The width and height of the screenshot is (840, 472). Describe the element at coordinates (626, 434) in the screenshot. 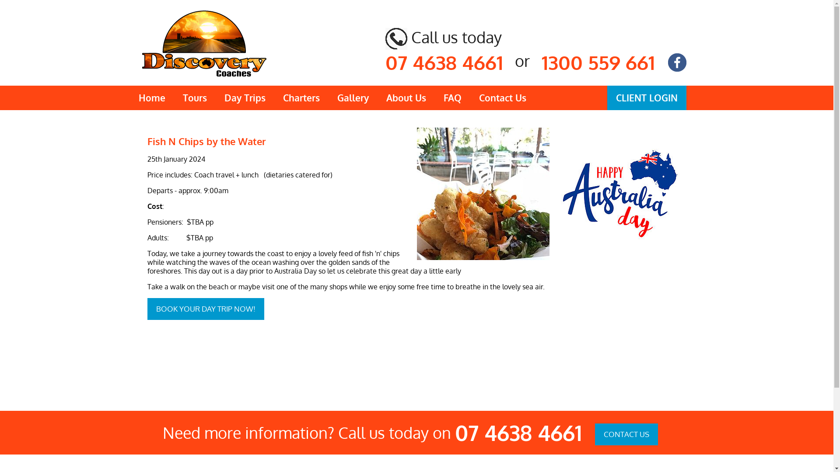

I see `'CONTACT US'` at that location.